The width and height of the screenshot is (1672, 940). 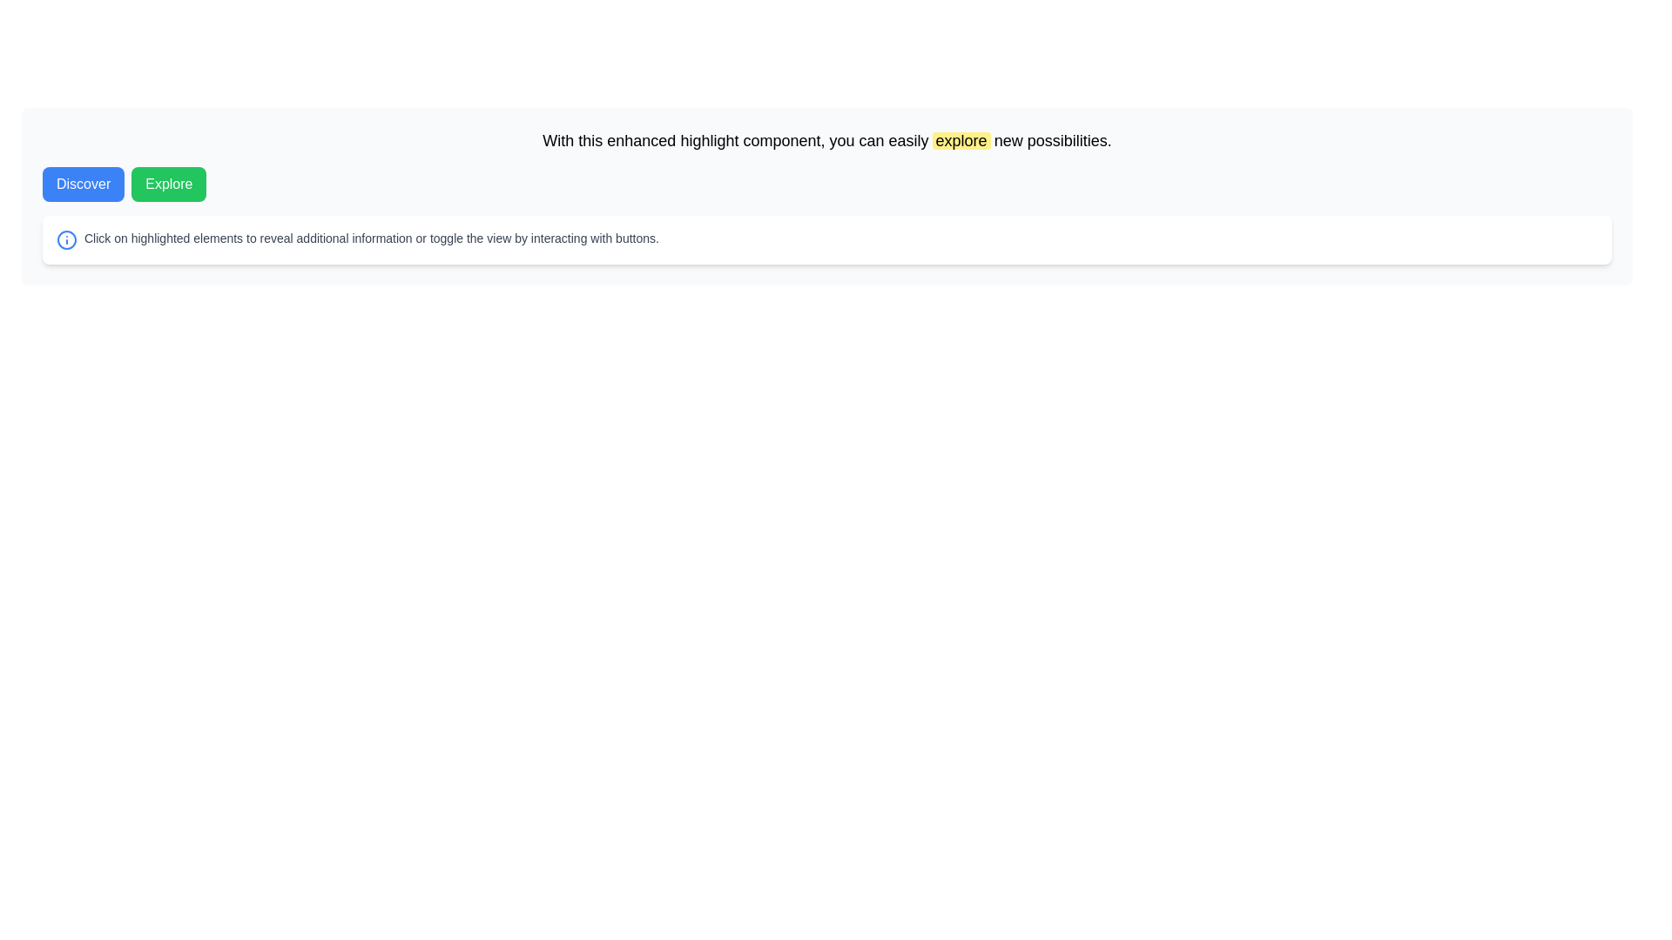 What do you see at coordinates (83, 185) in the screenshot?
I see `the blue 'Discover' button with rounded corners` at bounding box center [83, 185].